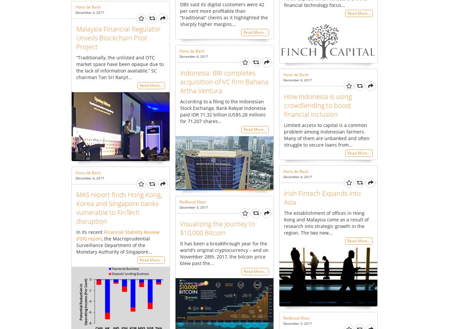  Describe the element at coordinates (180, 14) in the screenshot. I see `'DBS said its digital customers were 42 per cent more profitable than “traditional” clients as it highlighted the sharply higher margins...'` at that location.